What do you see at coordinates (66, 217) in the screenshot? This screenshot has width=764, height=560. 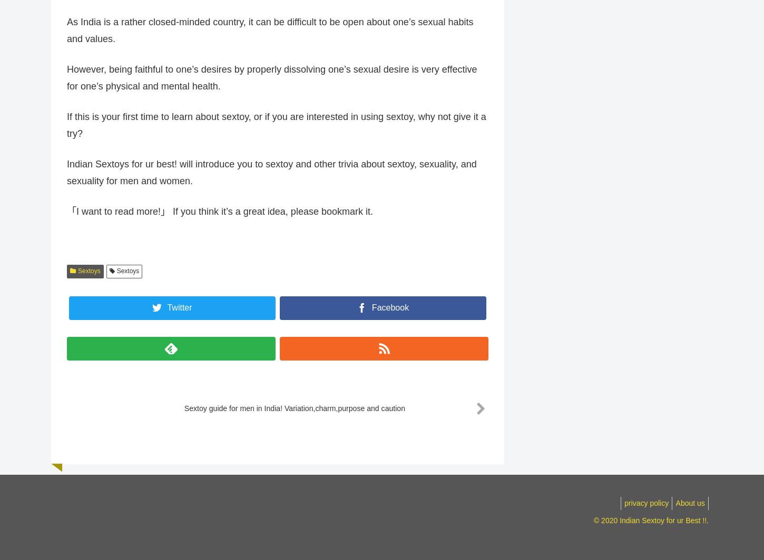 I see `'「I want to read more!」 If you think it’s a great idea, please bookmark it.'` at bounding box center [66, 217].